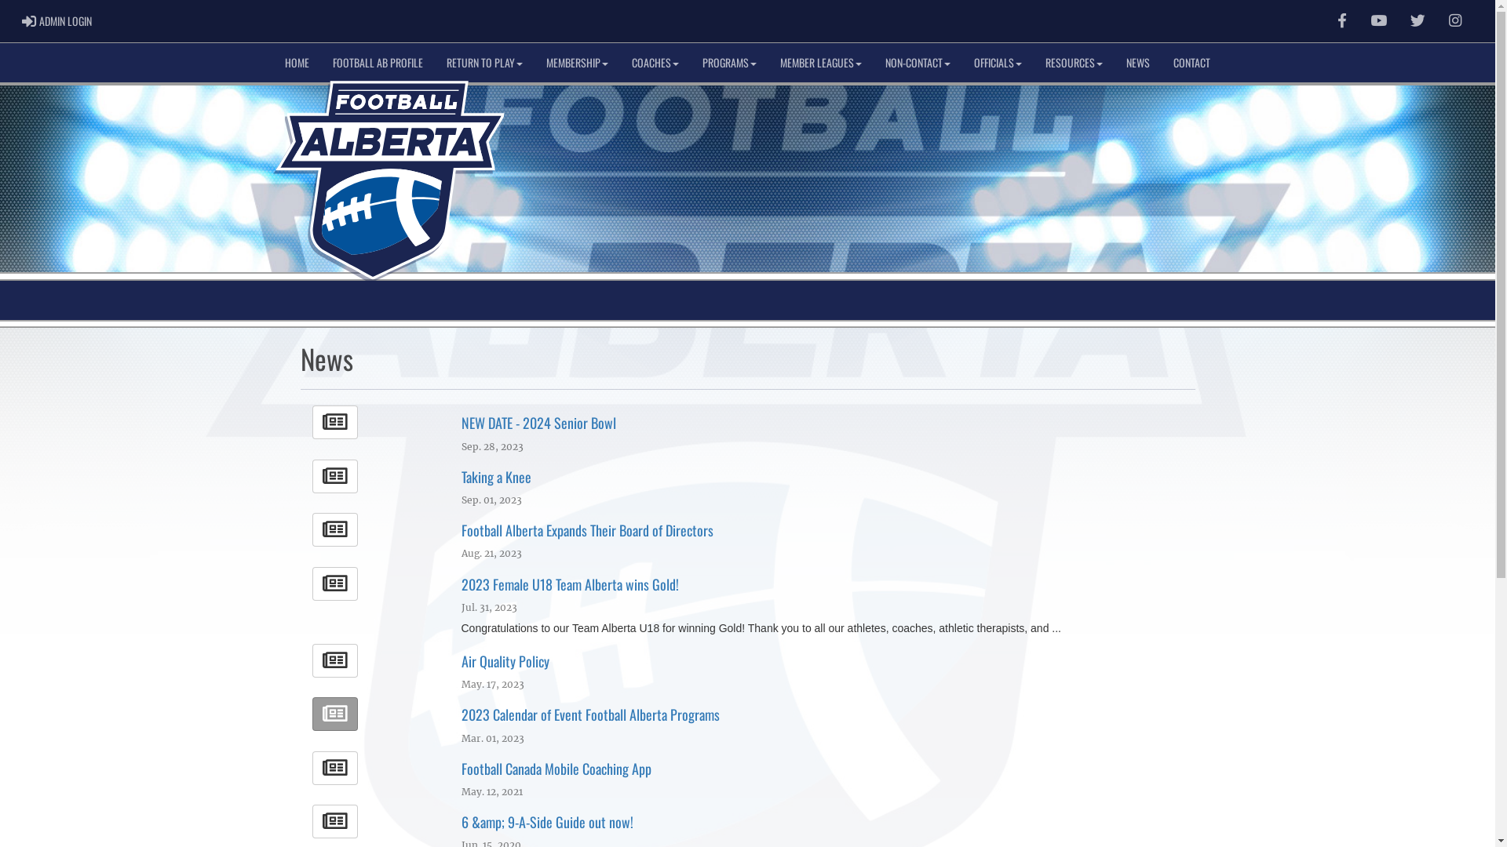 The image size is (1507, 847). What do you see at coordinates (576, 62) in the screenshot?
I see `'MEMBERSHIP'` at bounding box center [576, 62].